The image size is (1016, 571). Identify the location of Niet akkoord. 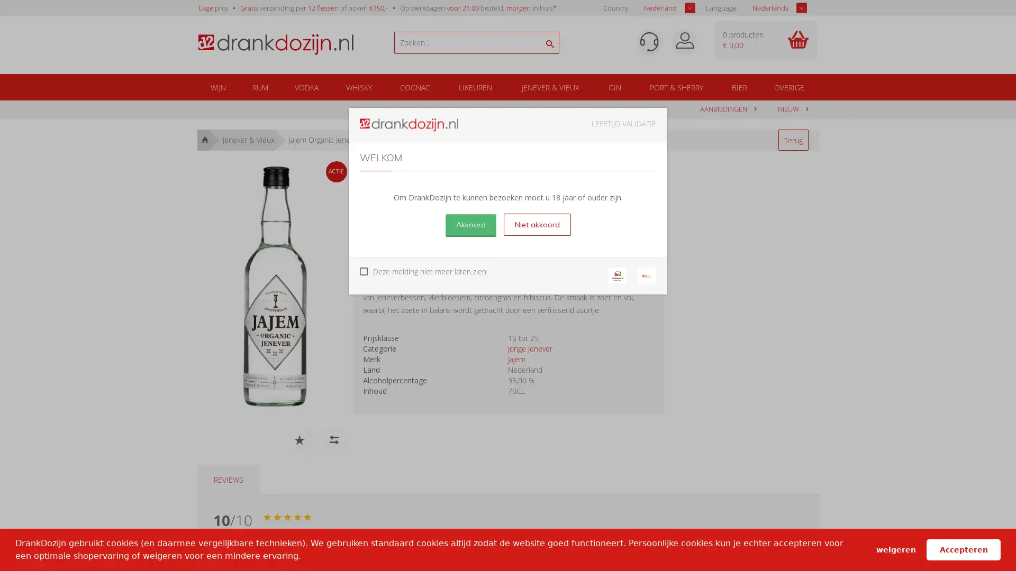
(537, 224).